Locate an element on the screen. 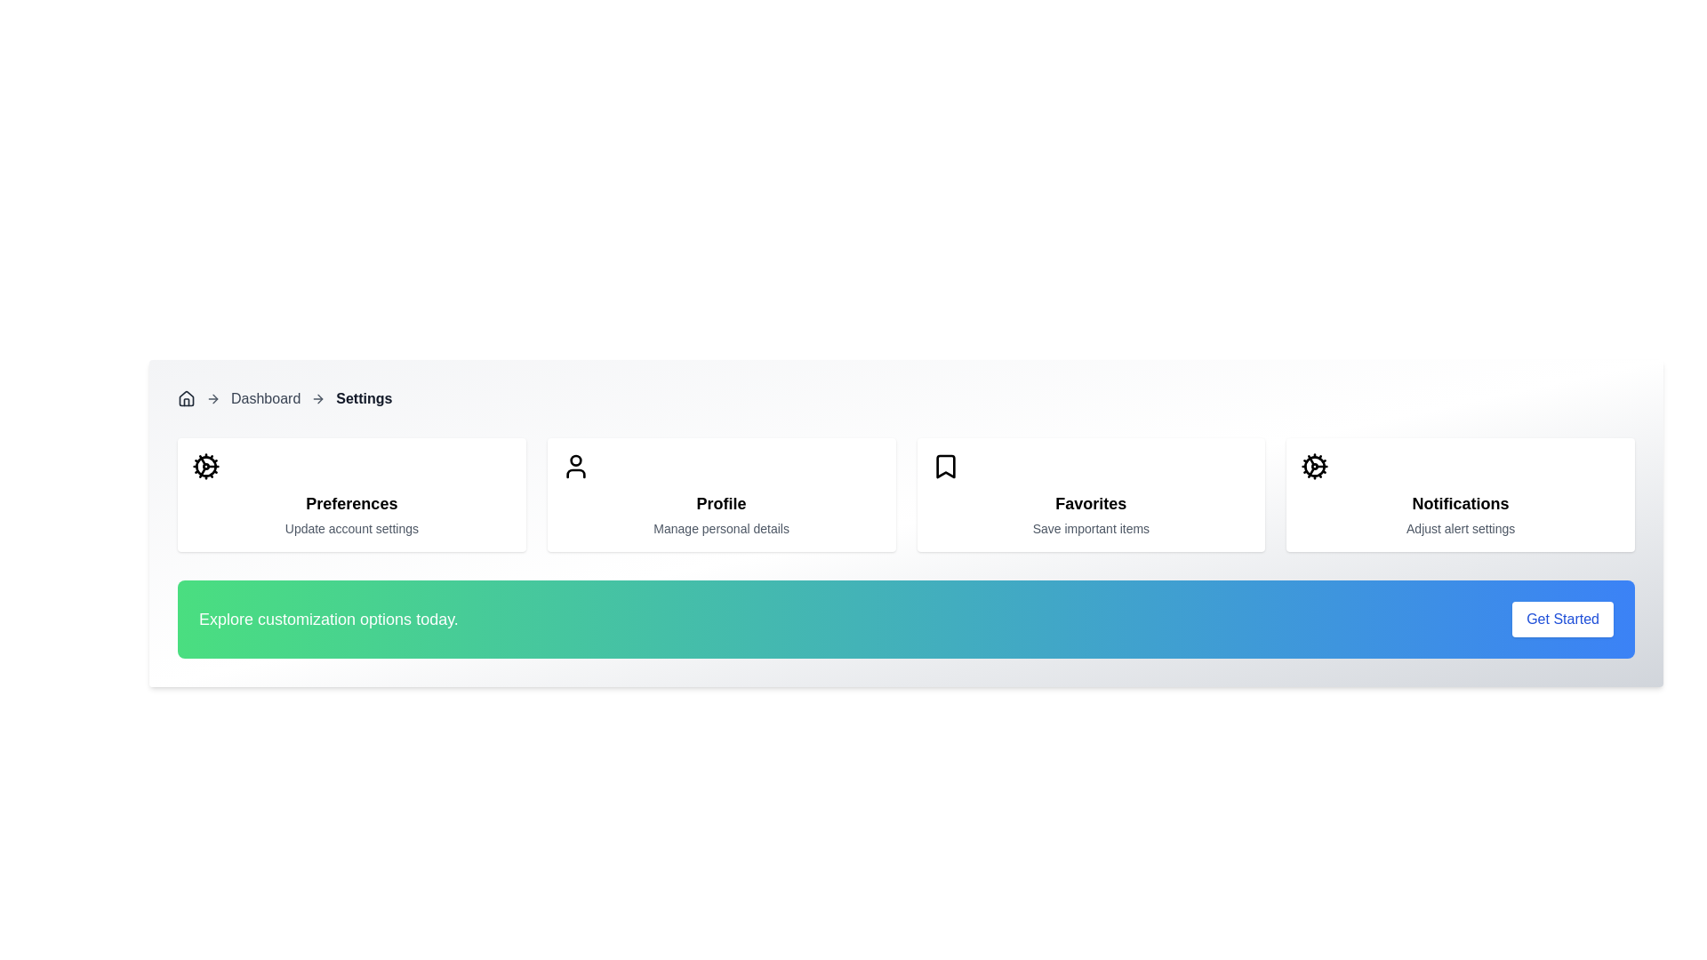  the decorative SVG Icon located in the top-left corner of the card that contains the texts 'Notifications' and 'Adjust alert settings' is located at coordinates (1315, 465).